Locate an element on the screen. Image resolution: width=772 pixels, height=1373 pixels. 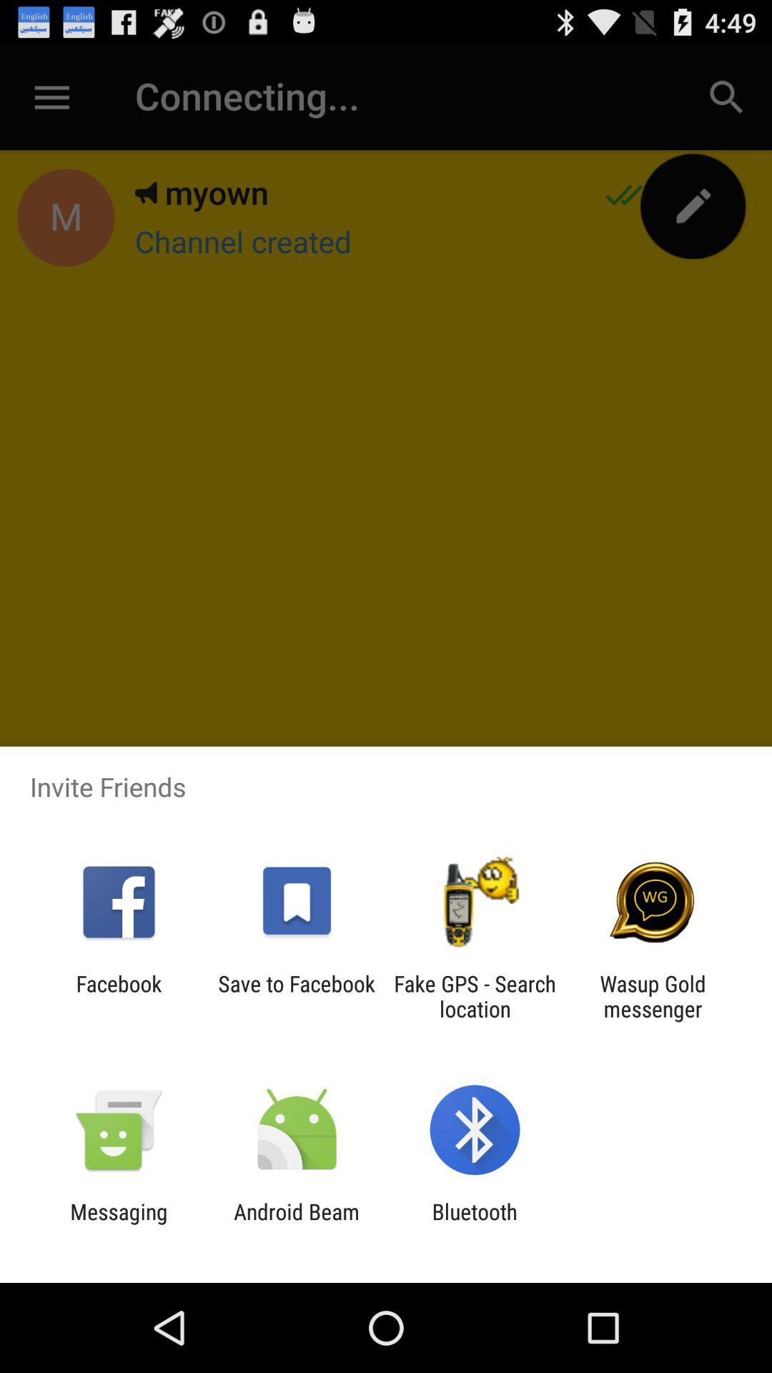
the icon to the left of wasup gold messenger item is located at coordinates (475, 995).